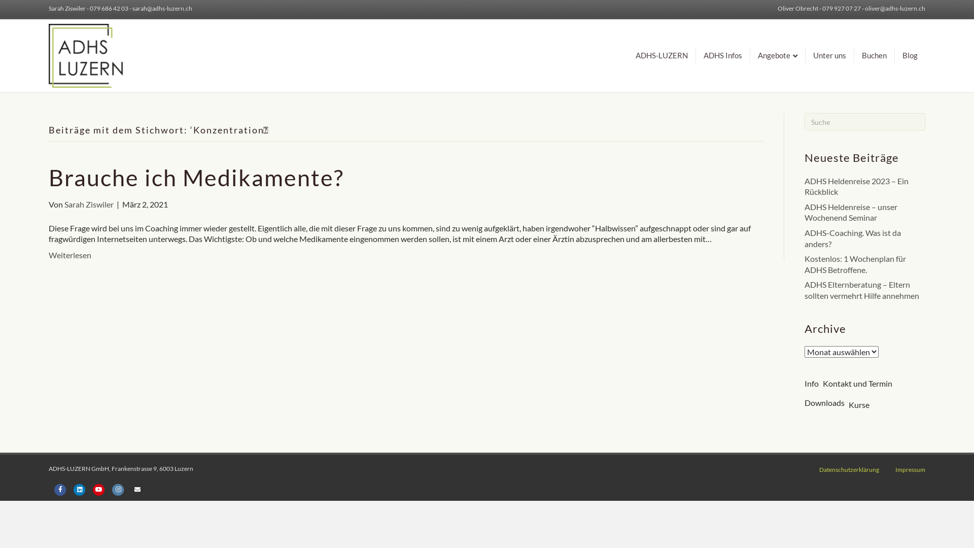 The height and width of the screenshot is (548, 974). Describe the element at coordinates (910, 473) in the screenshot. I see `'Impressum'` at that location.